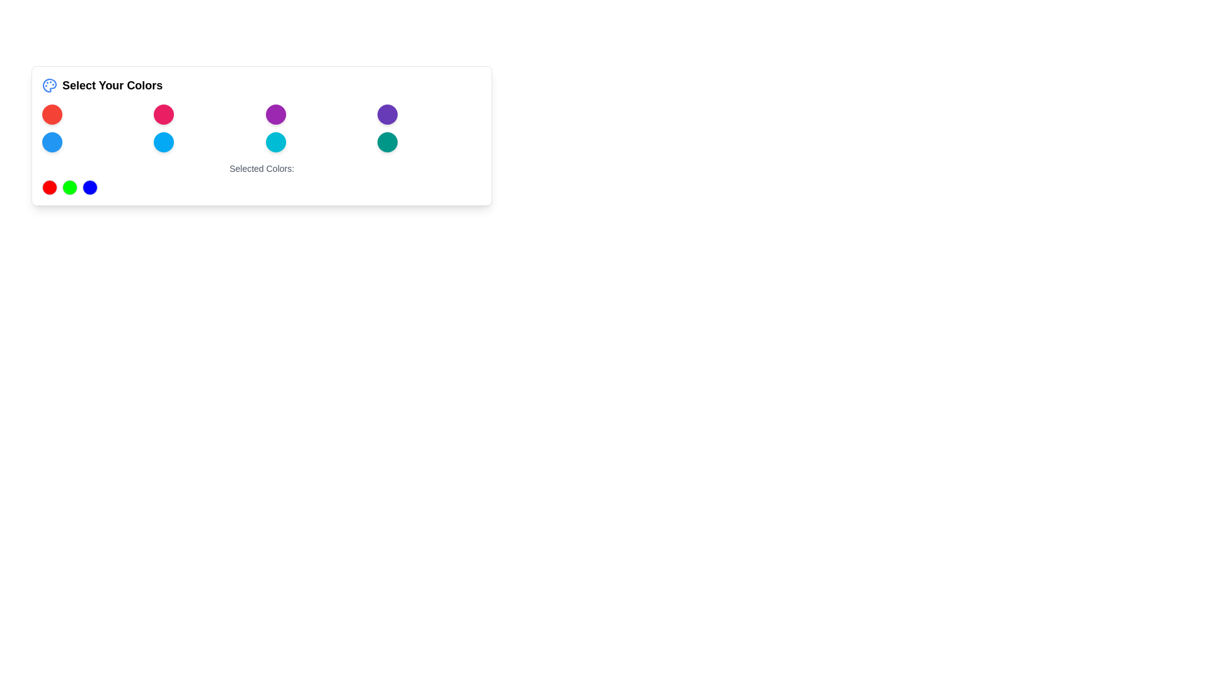  Describe the element at coordinates (49, 85) in the screenshot. I see `the palette-like icon with a blue outline, which is located to the left of the 'Select Your Colors' text` at that location.